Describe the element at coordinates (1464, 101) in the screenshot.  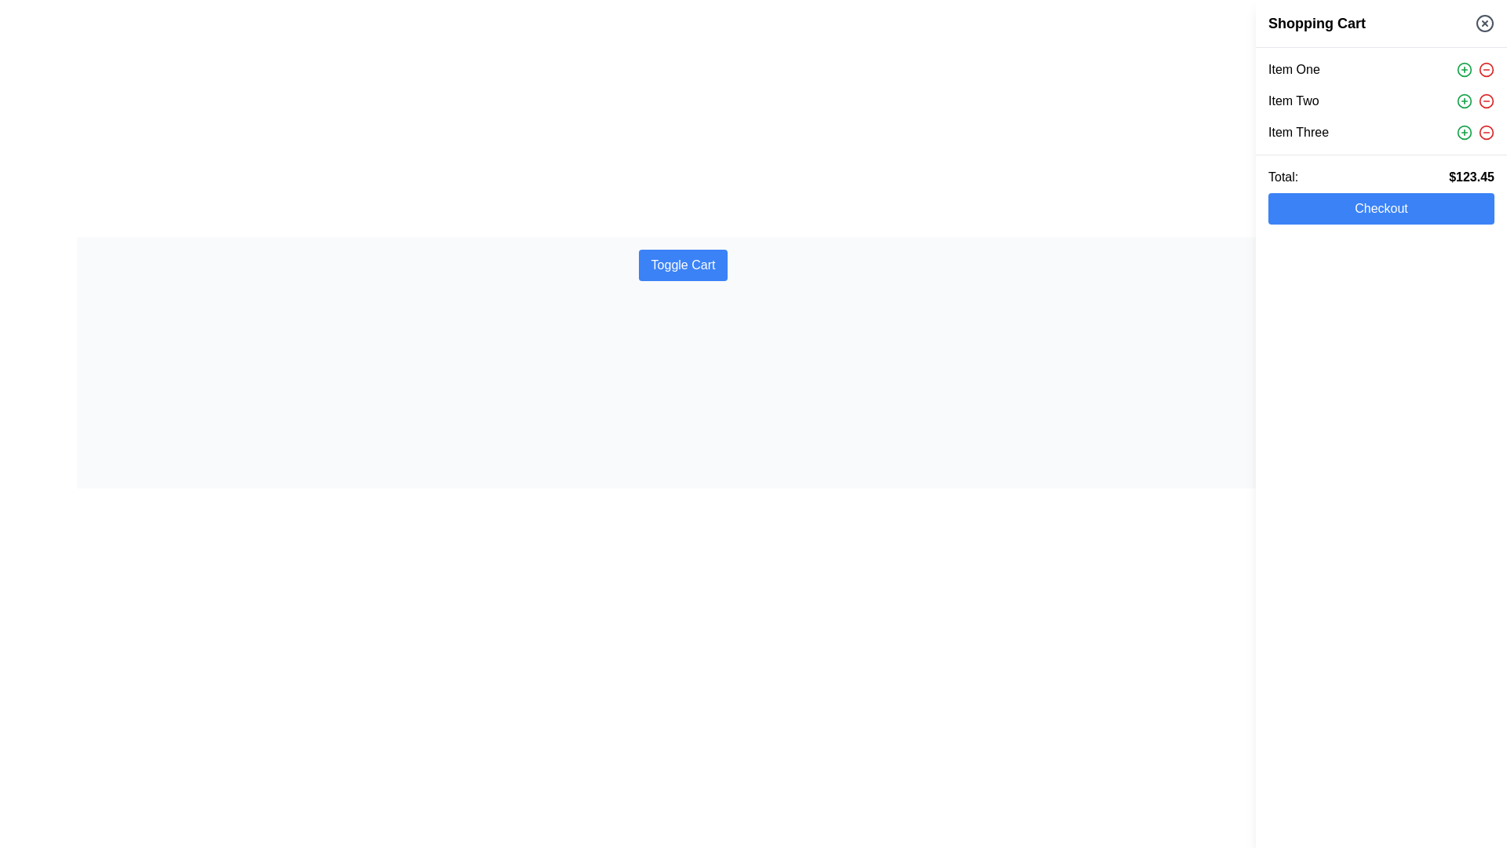
I see `the green circular icon with a plus sign located next to 'Item Two' in the shopping cart sidebar` at that location.